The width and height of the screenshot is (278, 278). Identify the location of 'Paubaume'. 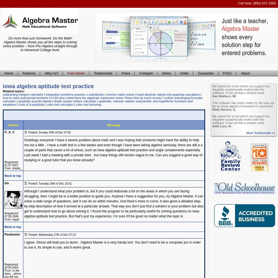
(4, 234).